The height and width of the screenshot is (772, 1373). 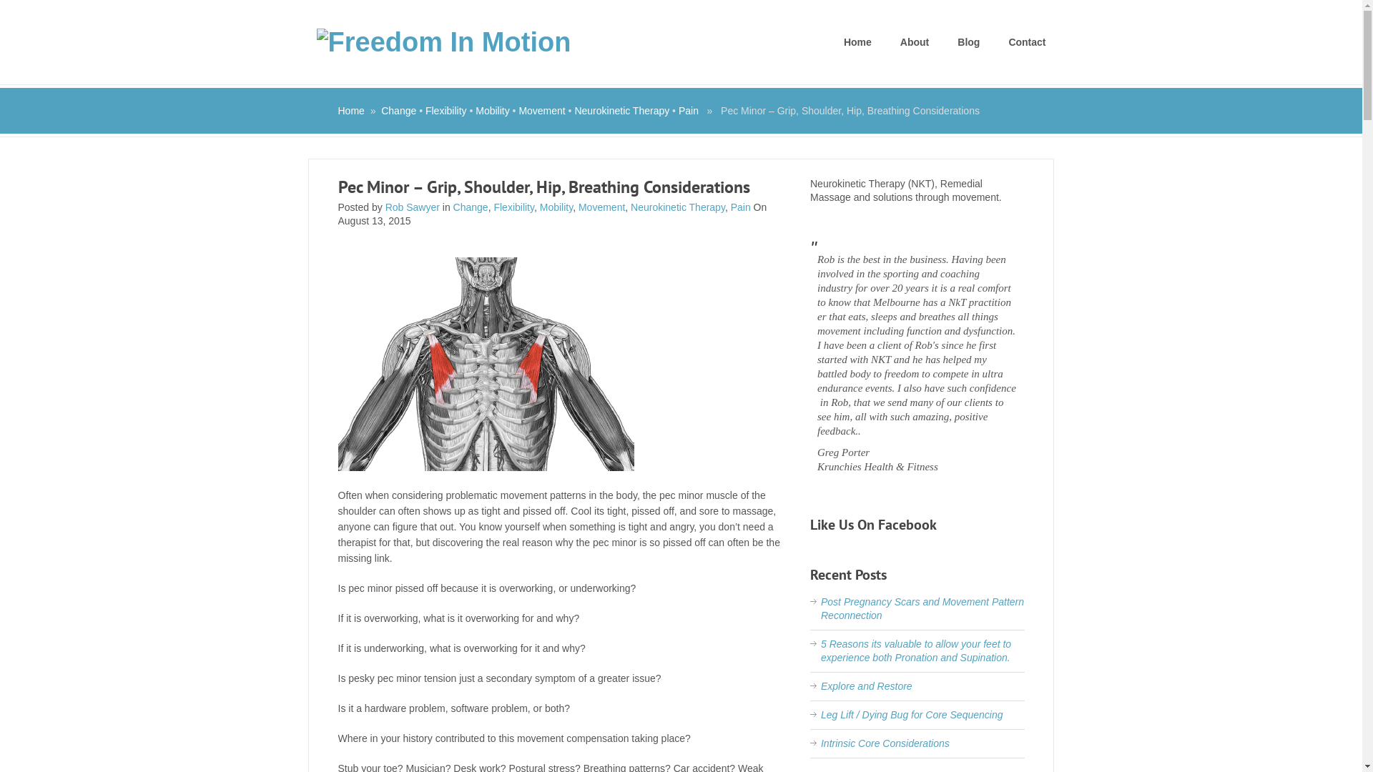 What do you see at coordinates (380, 109) in the screenshot?
I see `'Change'` at bounding box center [380, 109].